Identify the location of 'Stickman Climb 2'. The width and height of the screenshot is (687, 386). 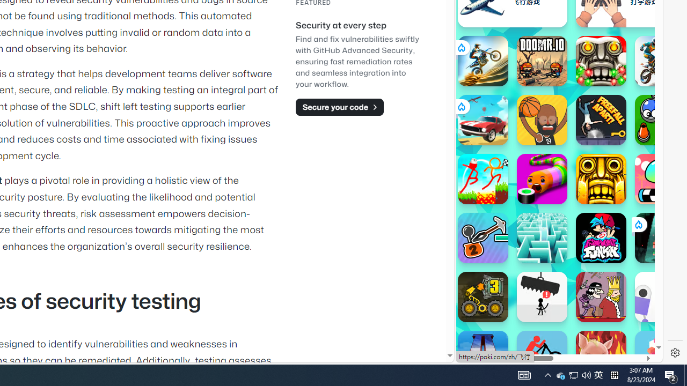
(482, 237).